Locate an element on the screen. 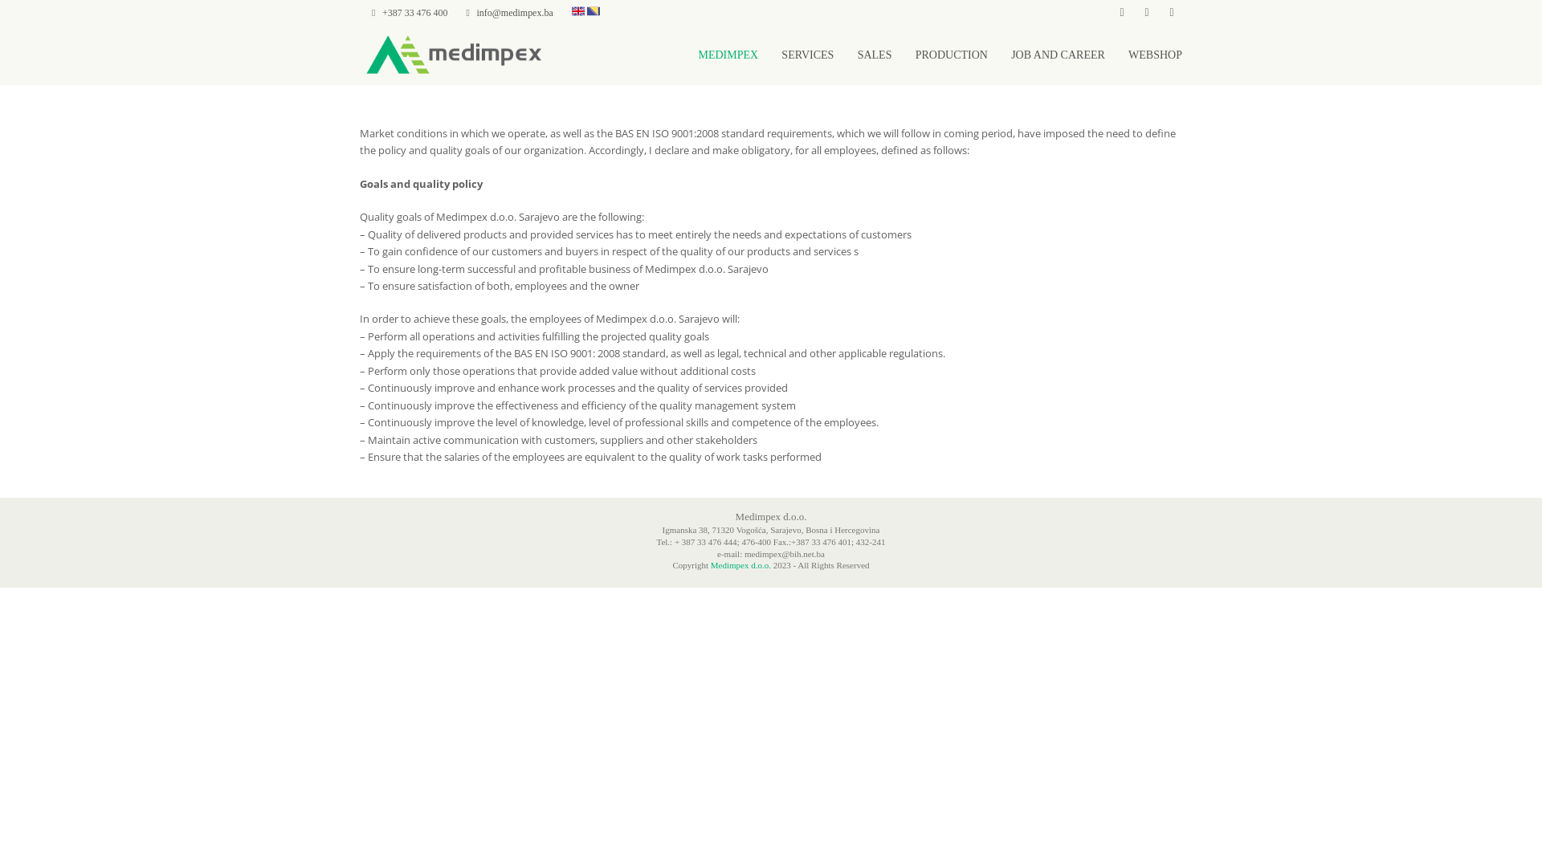 The height and width of the screenshot is (867, 1542). 'Instagram' is located at coordinates (1136, 12).